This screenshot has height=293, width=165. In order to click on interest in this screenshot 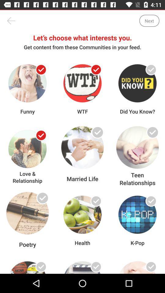, I will do `click(151, 70)`.